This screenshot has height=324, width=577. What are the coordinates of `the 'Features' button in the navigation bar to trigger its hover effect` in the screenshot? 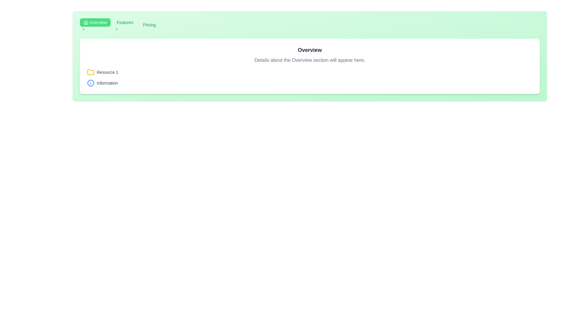 It's located at (125, 25).